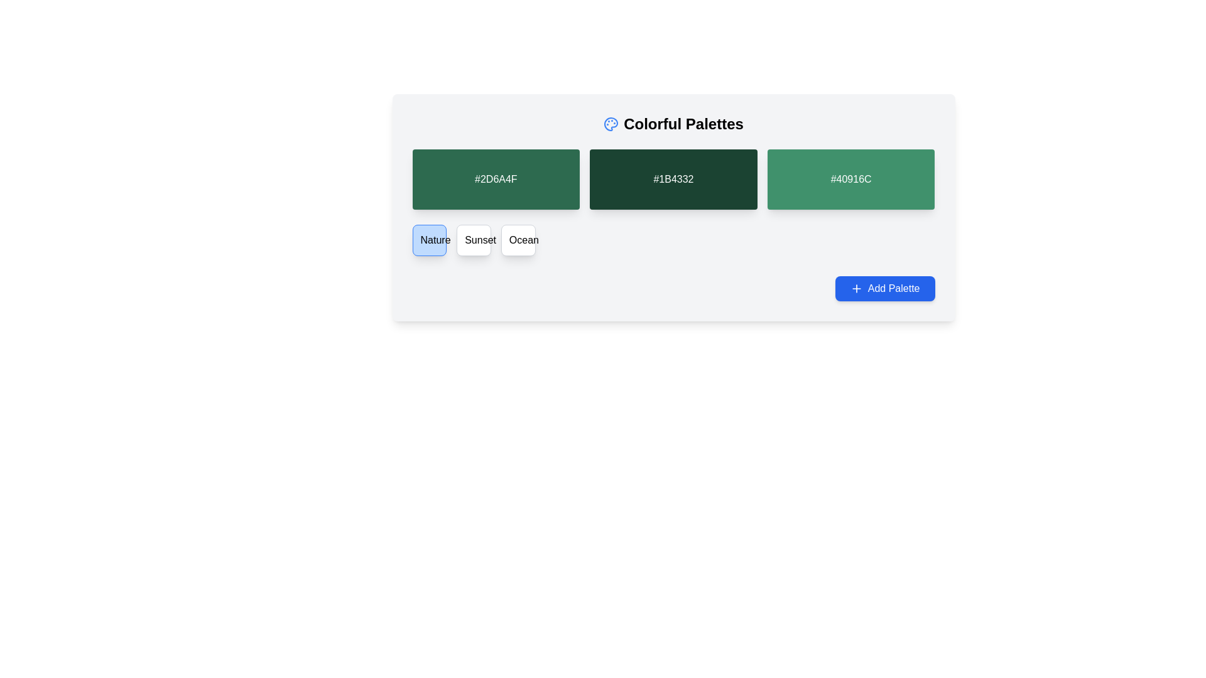 The height and width of the screenshot is (678, 1206). I want to click on the rectangular button labeled 'Ocean' with a white background and gray border to observe interactive effects like scaling, so click(518, 240).